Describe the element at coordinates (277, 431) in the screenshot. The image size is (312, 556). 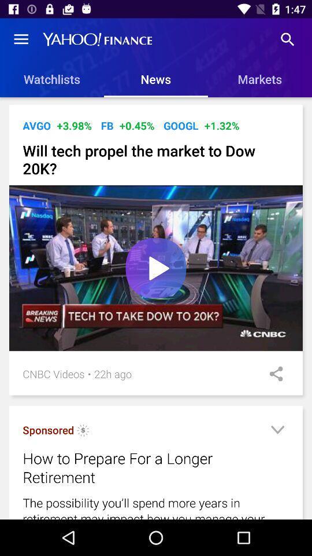
I see `go down` at that location.